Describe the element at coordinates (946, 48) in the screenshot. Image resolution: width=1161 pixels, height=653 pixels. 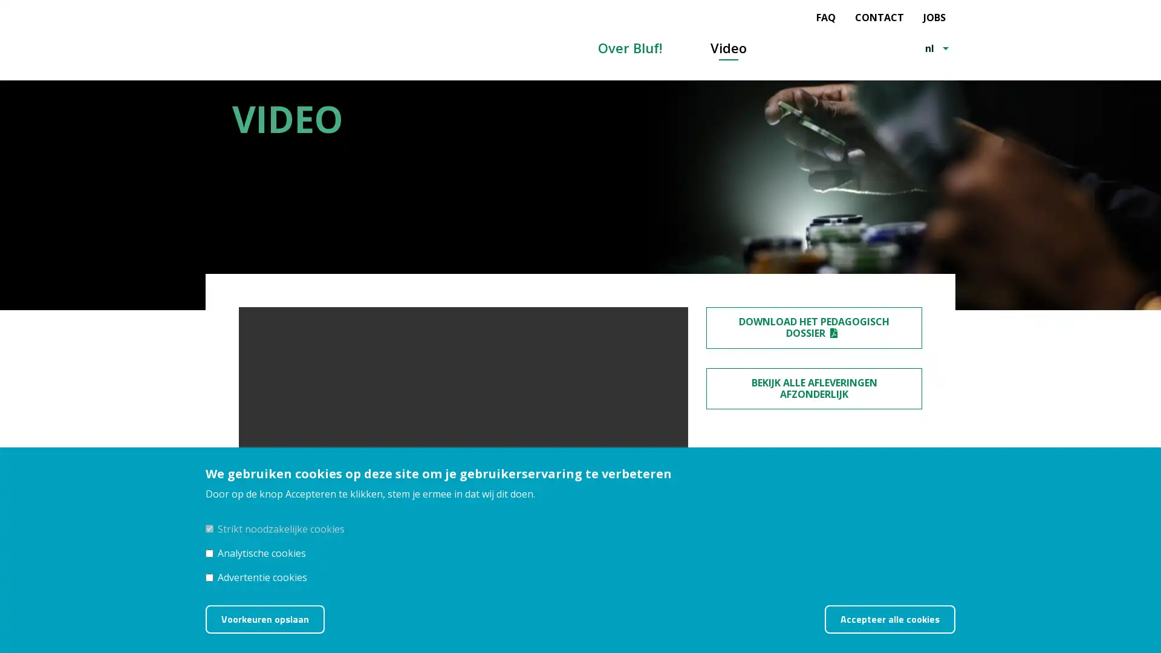
I see `other languages` at that location.